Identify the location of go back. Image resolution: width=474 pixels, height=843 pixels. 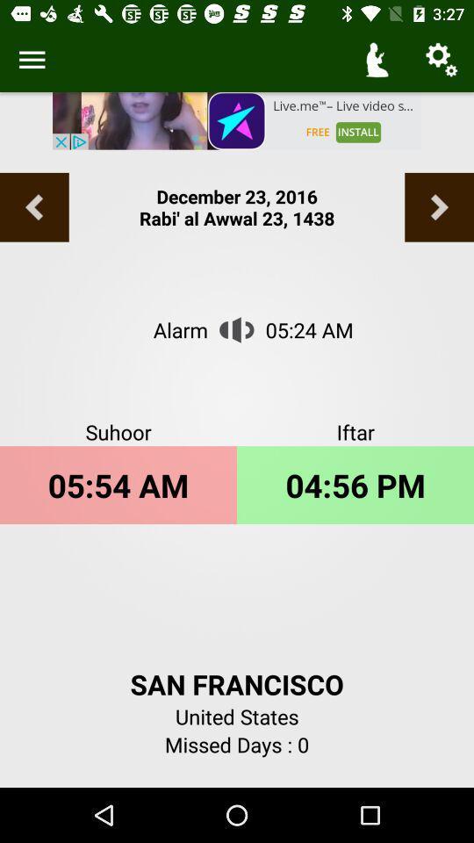
(34, 207).